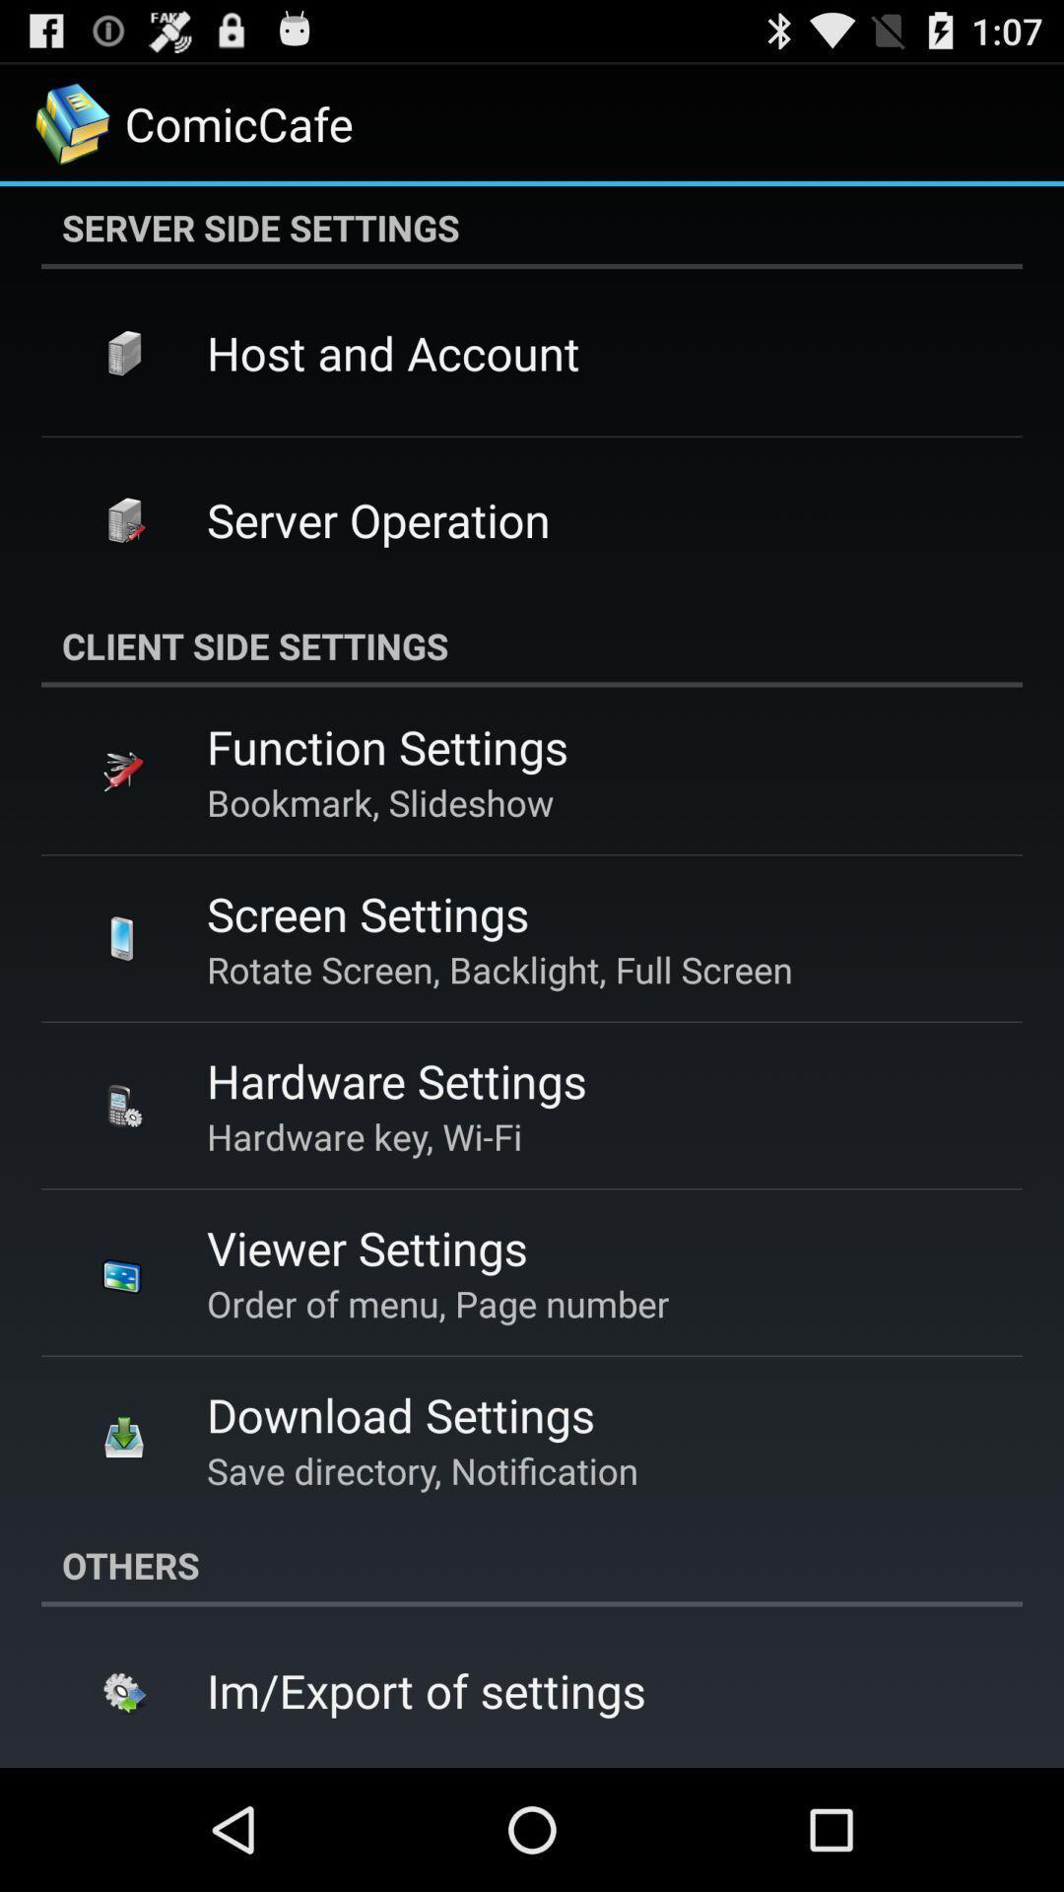 This screenshot has width=1064, height=1892. What do you see at coordinates (365, 1136) in the screenshot?
I see `the hardware key wi item` at bounding box center [365, 1136].